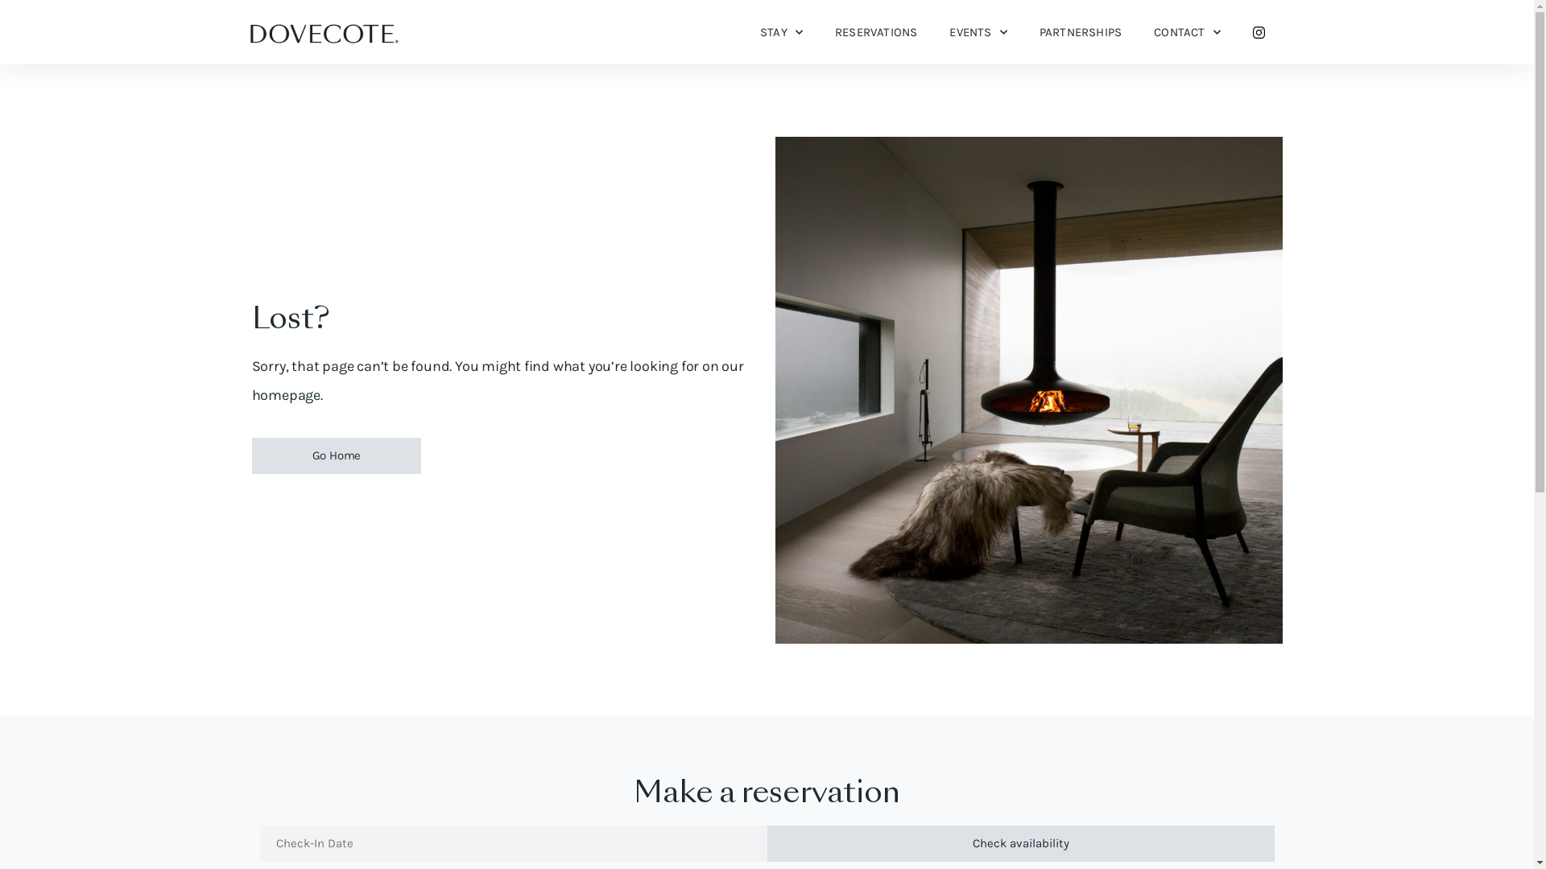 The image size is (1546, 869). Describe the element at coordinates (250, 455) in the screenshot. I see `'Go Home'` at that location.